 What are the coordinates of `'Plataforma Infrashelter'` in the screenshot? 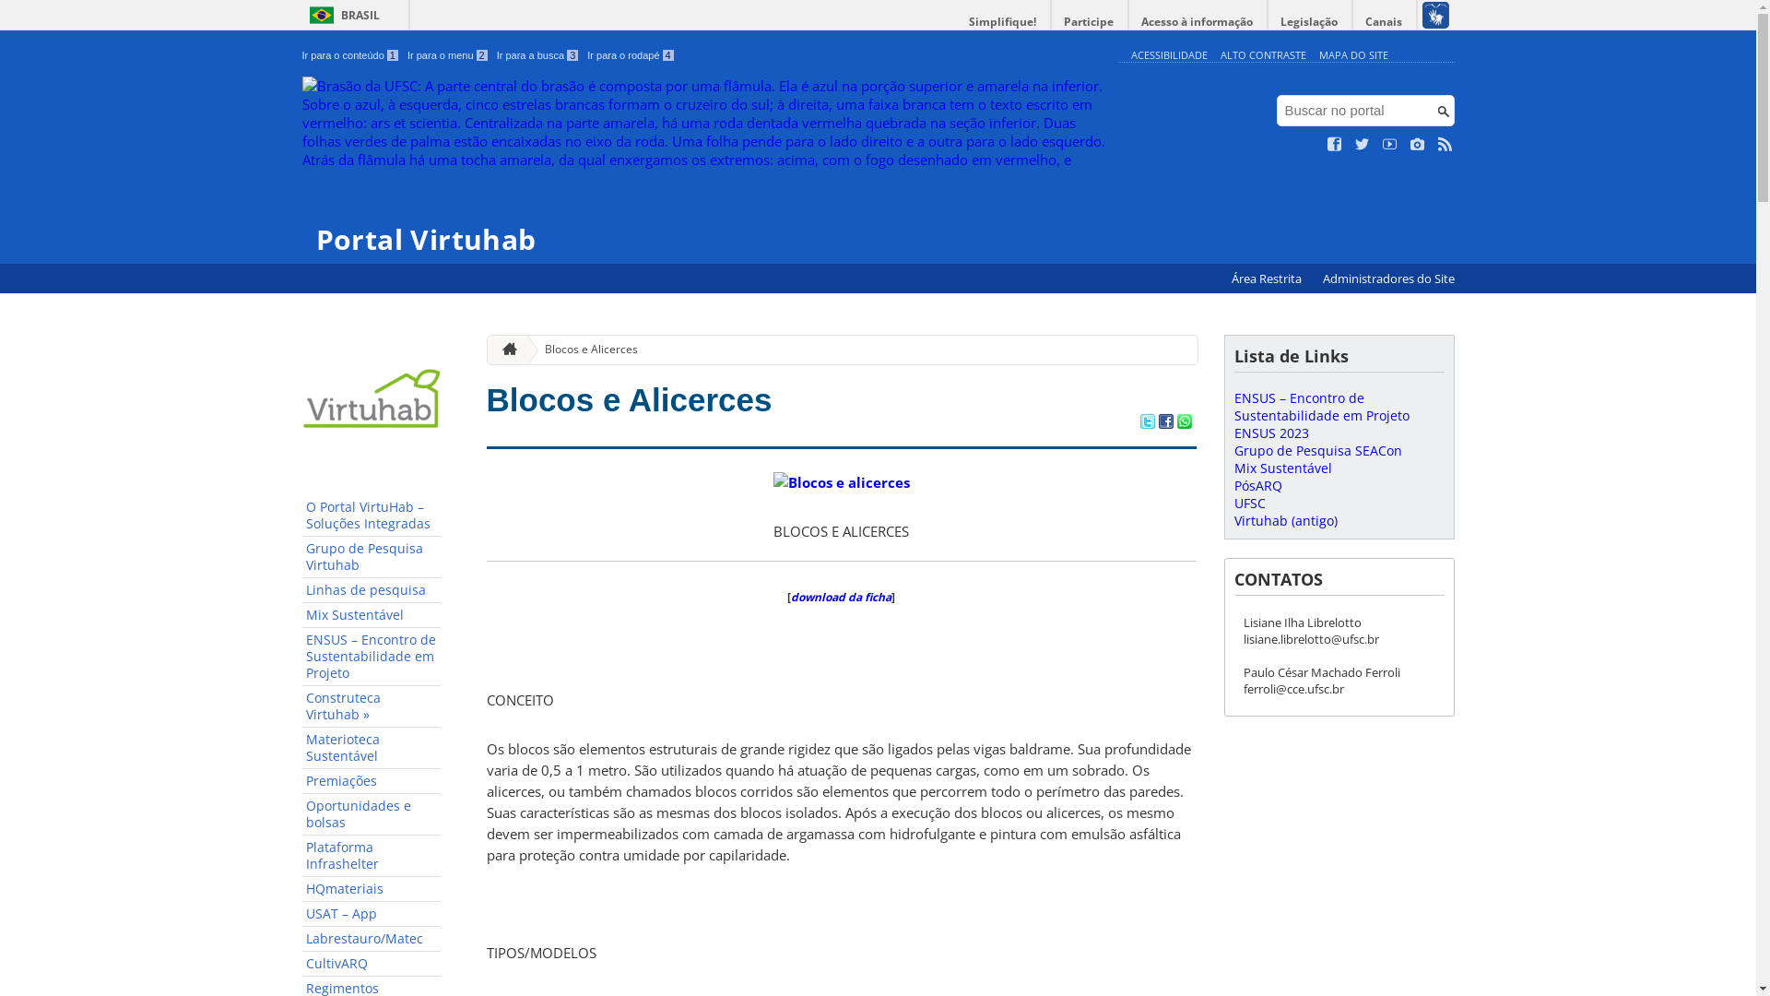 It's located at (371, 856).